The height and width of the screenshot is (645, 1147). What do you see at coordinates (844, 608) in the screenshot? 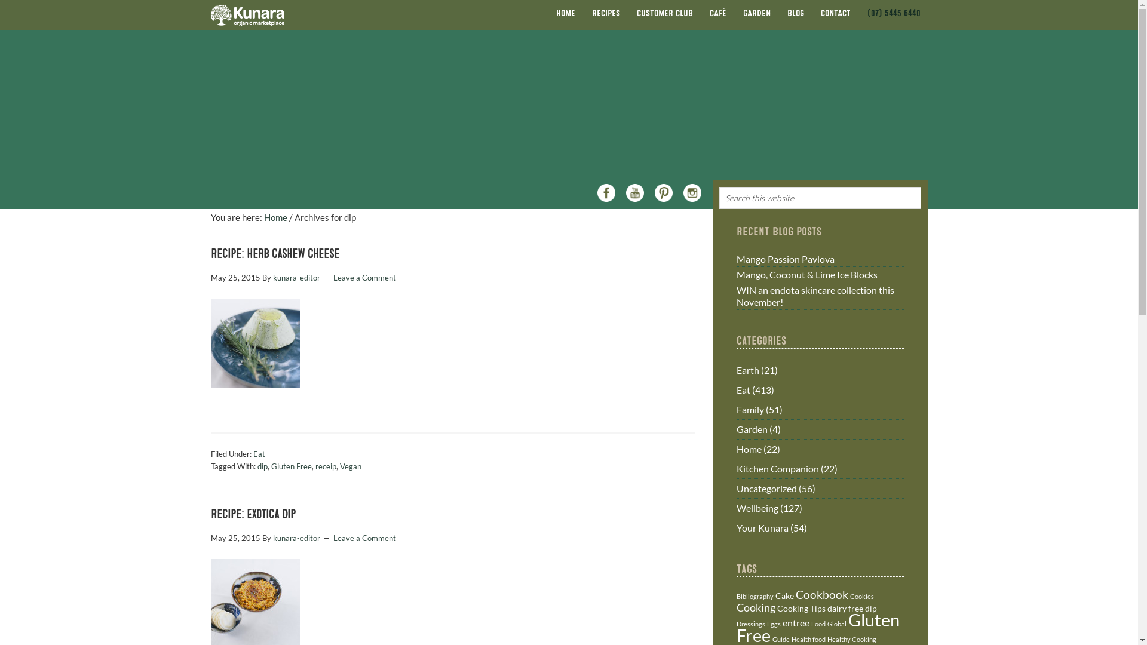
I see `'dairy free'` at bounding box center [844, 608].